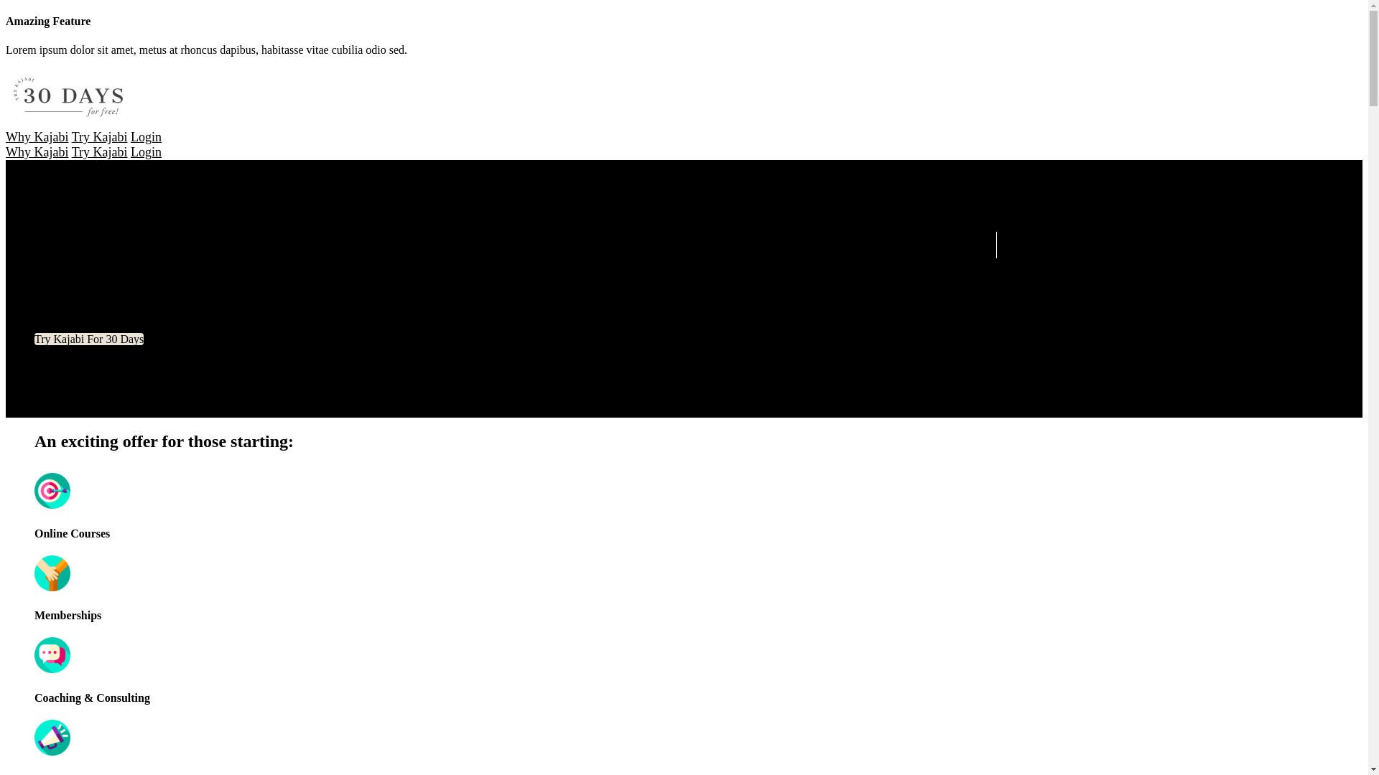  Describe the element at coordinates (99, 152) in the screenshot. I see `'Try Kajabi'` at that location.